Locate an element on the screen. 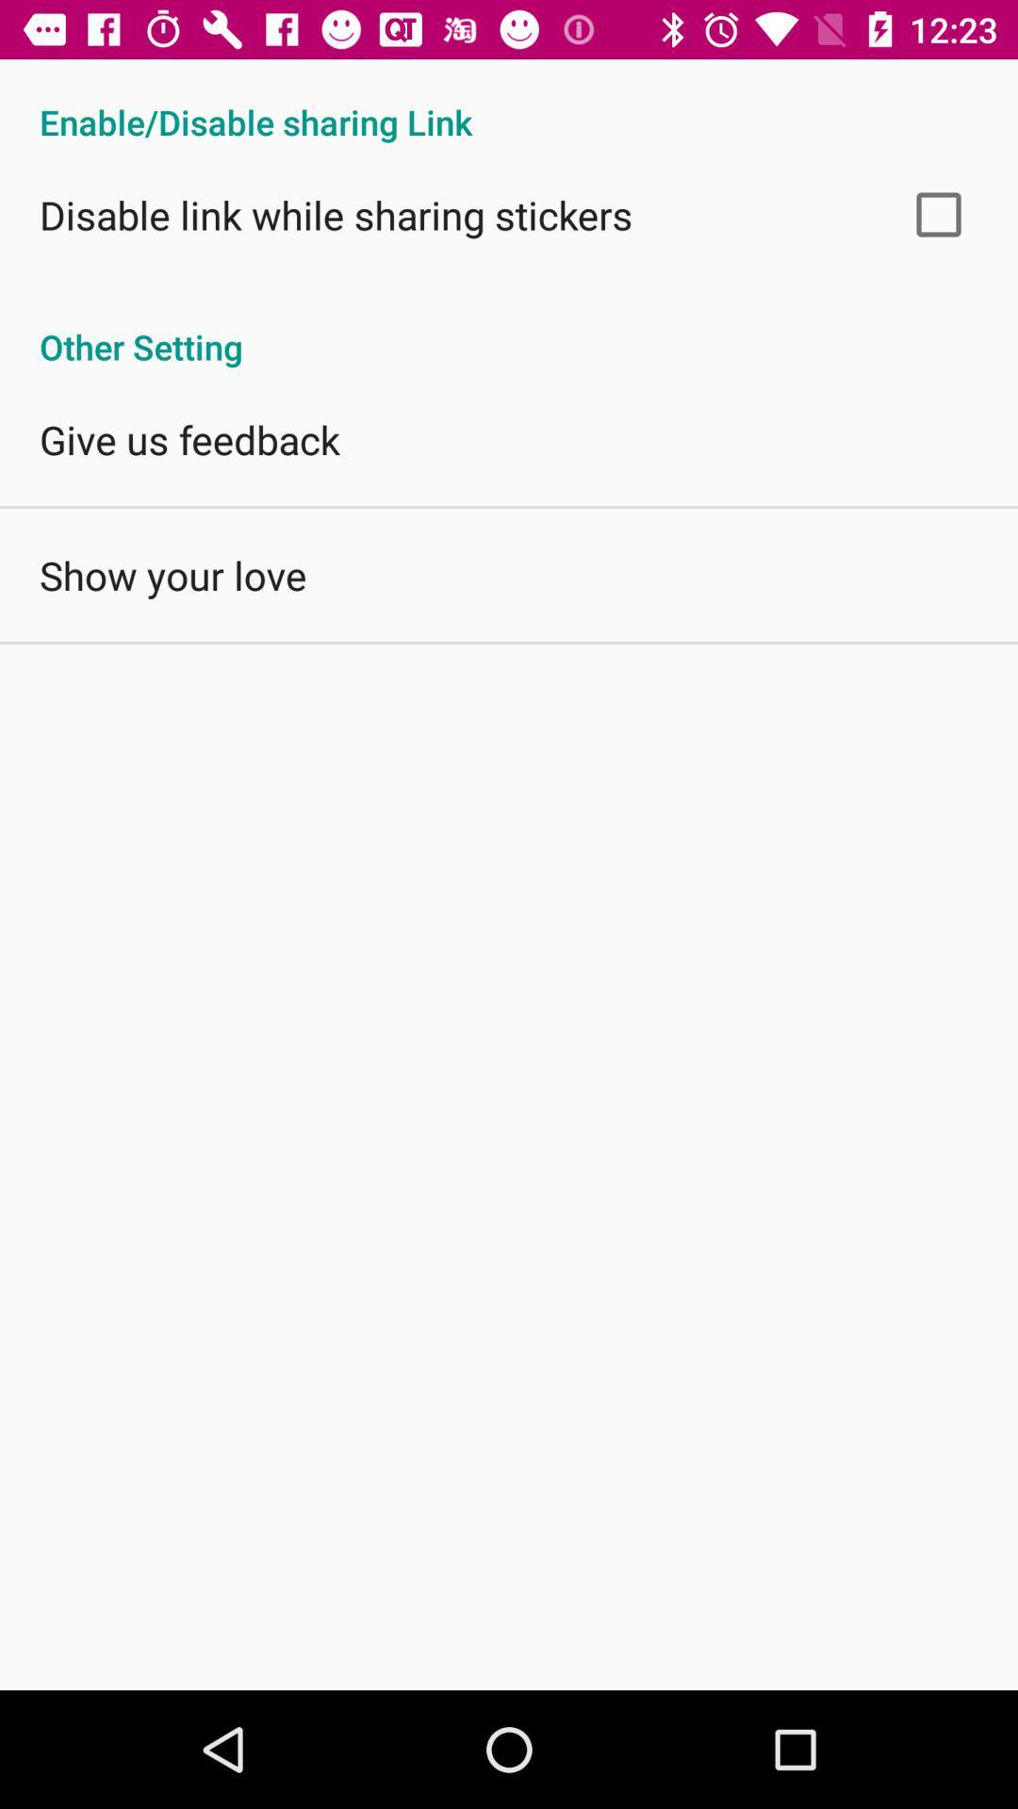  the app below give us feedback icon is located at coordinates (172, 574).